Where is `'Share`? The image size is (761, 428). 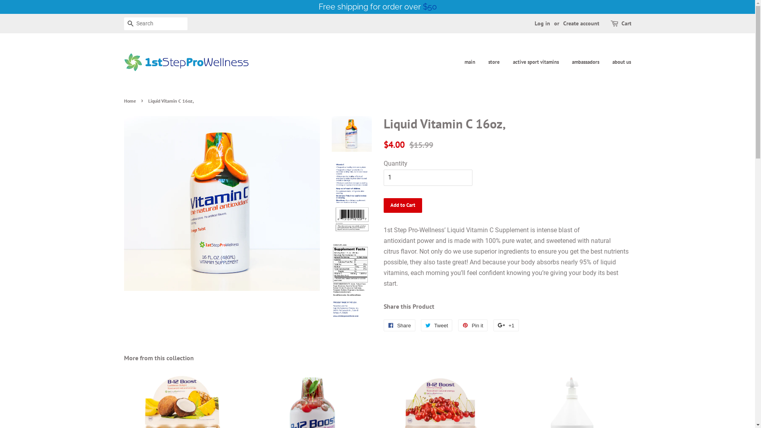
'Share is located at coordinates (400, 325).